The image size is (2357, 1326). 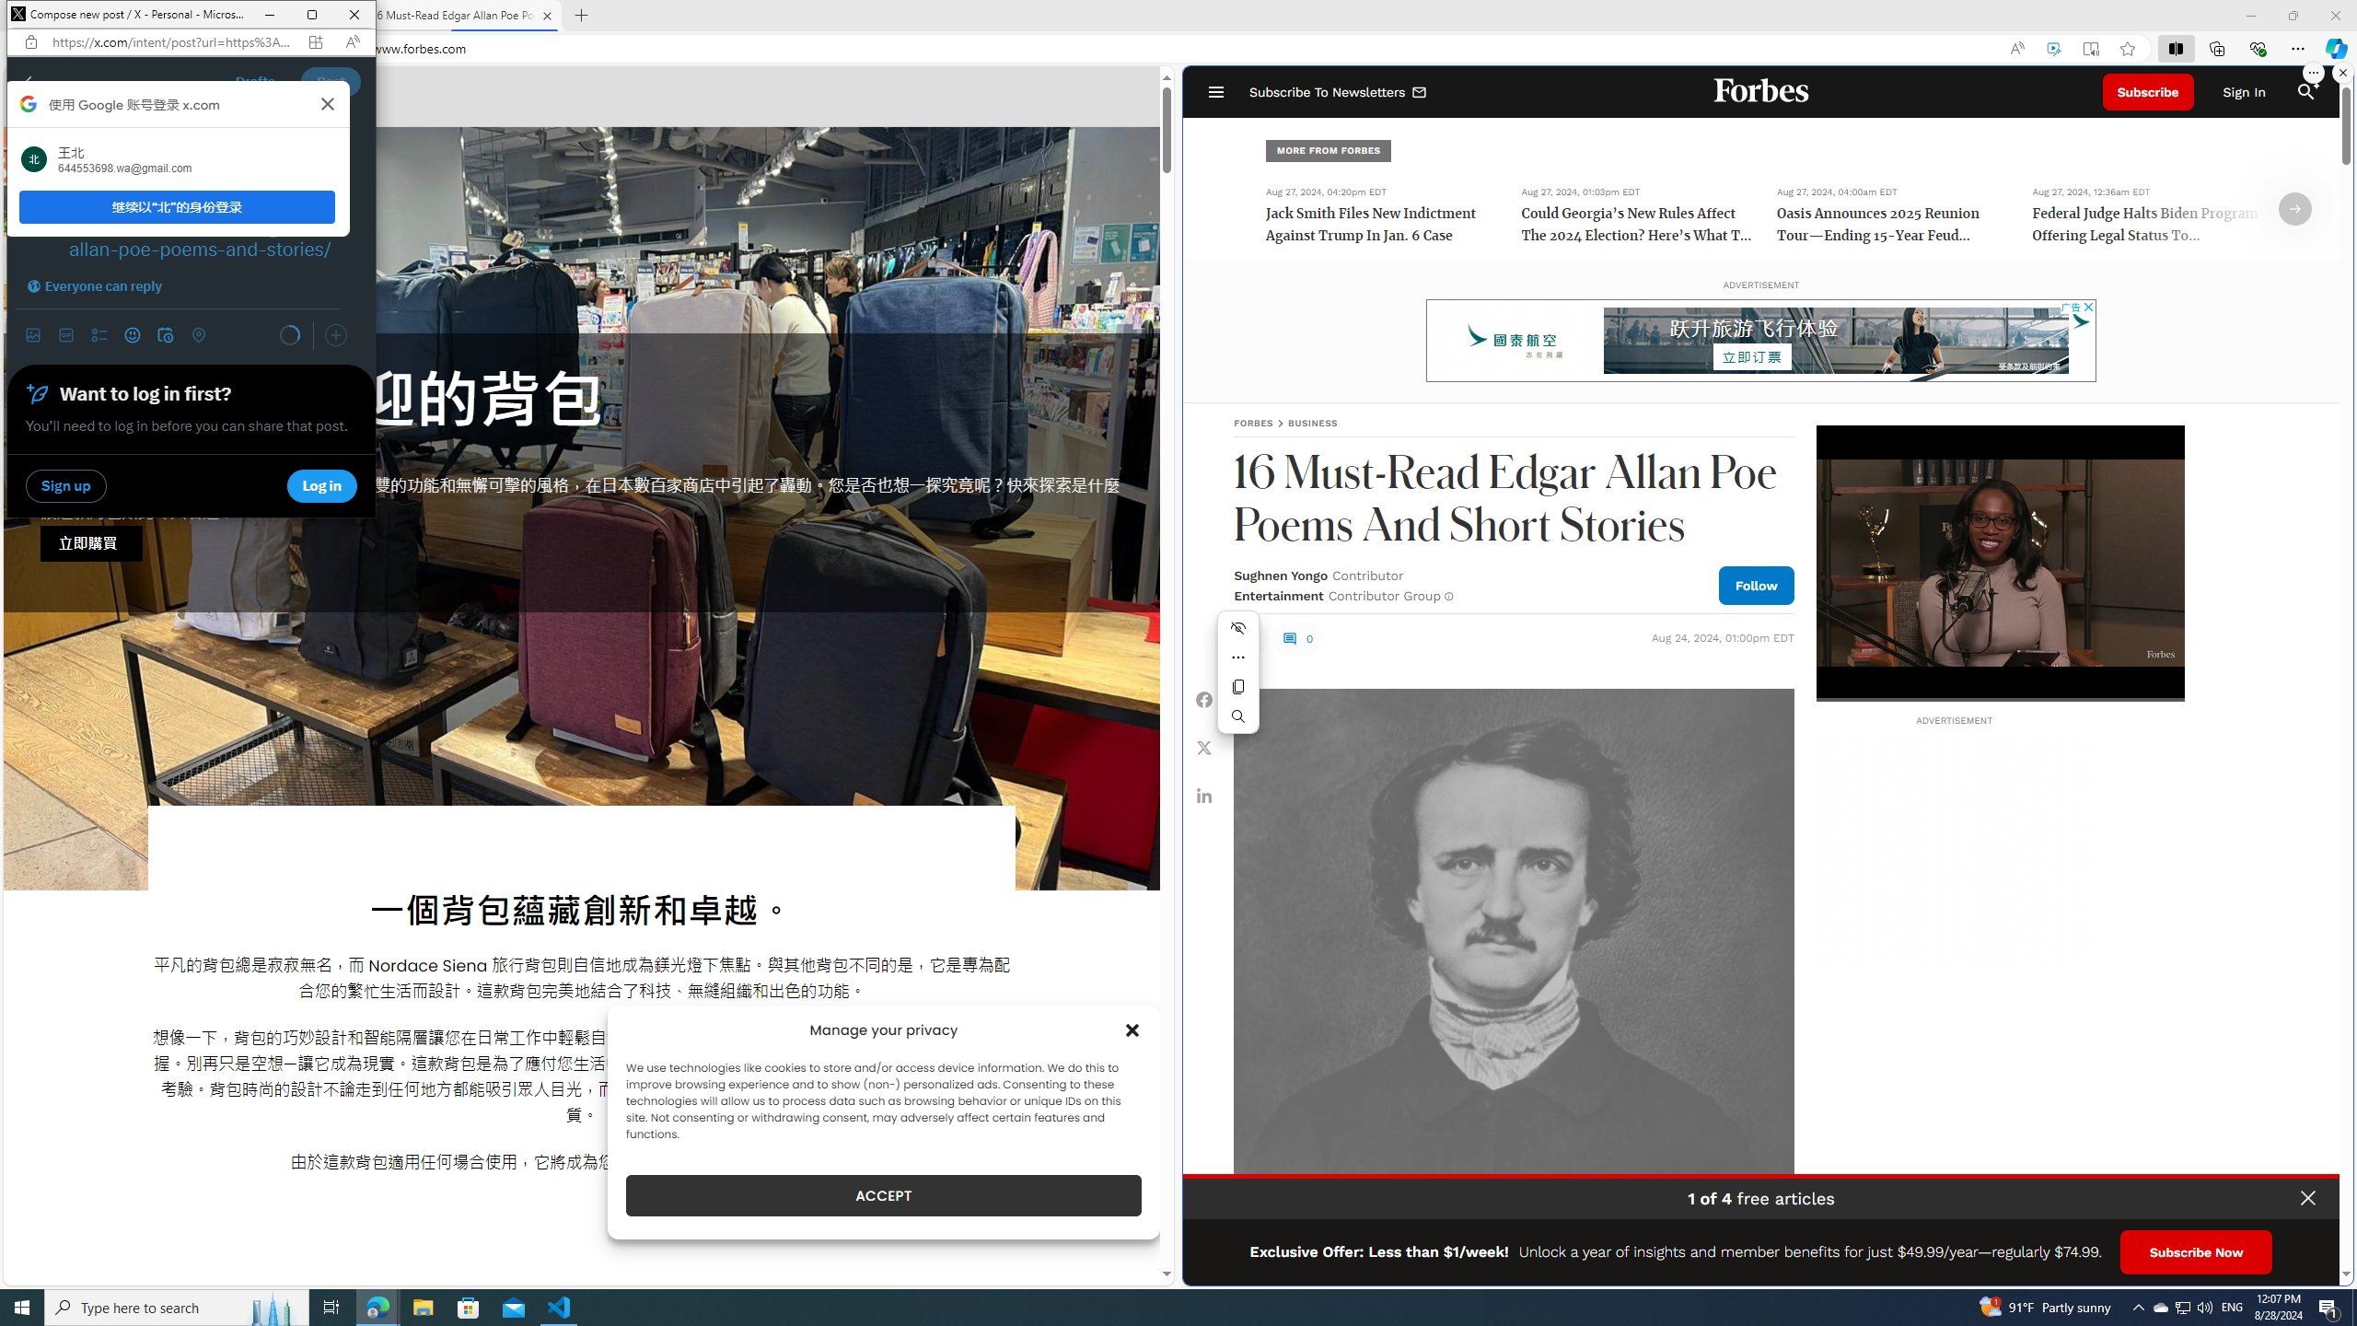 I want to click on 'Arrow Right', so click(x=2294, y=208).